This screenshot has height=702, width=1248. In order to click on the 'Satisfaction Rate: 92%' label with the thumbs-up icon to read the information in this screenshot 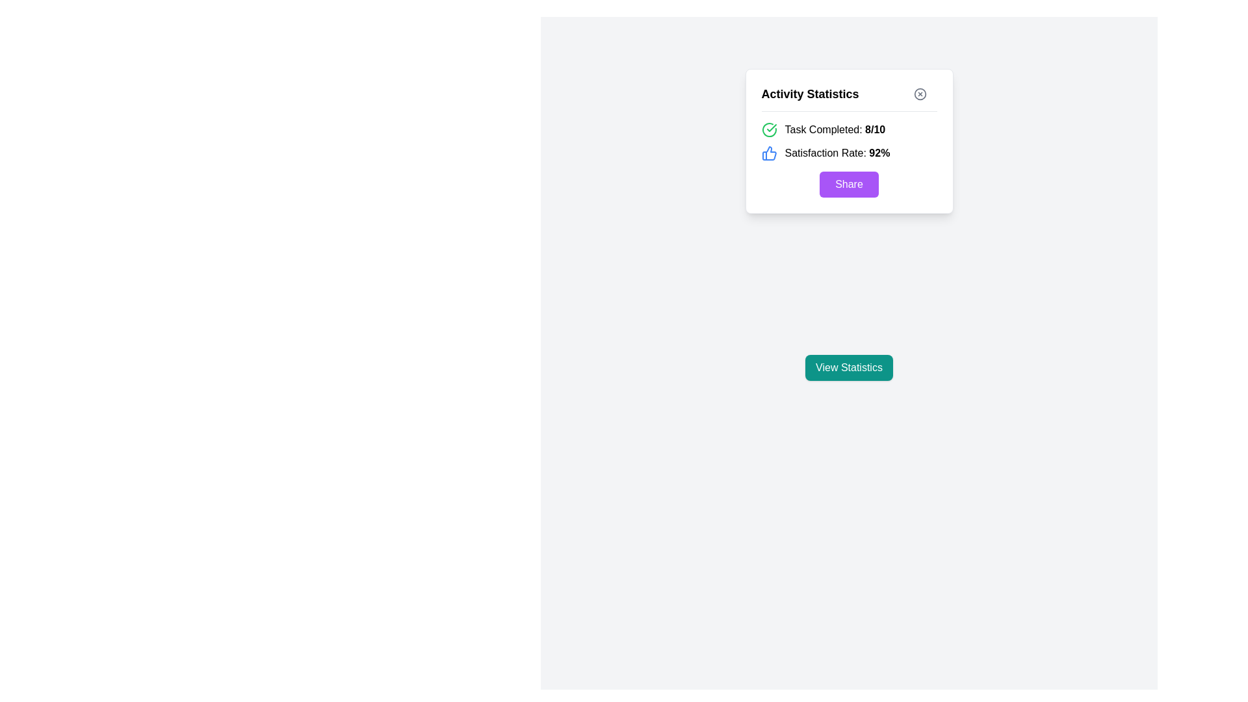, I will do `click(849, 152)`.